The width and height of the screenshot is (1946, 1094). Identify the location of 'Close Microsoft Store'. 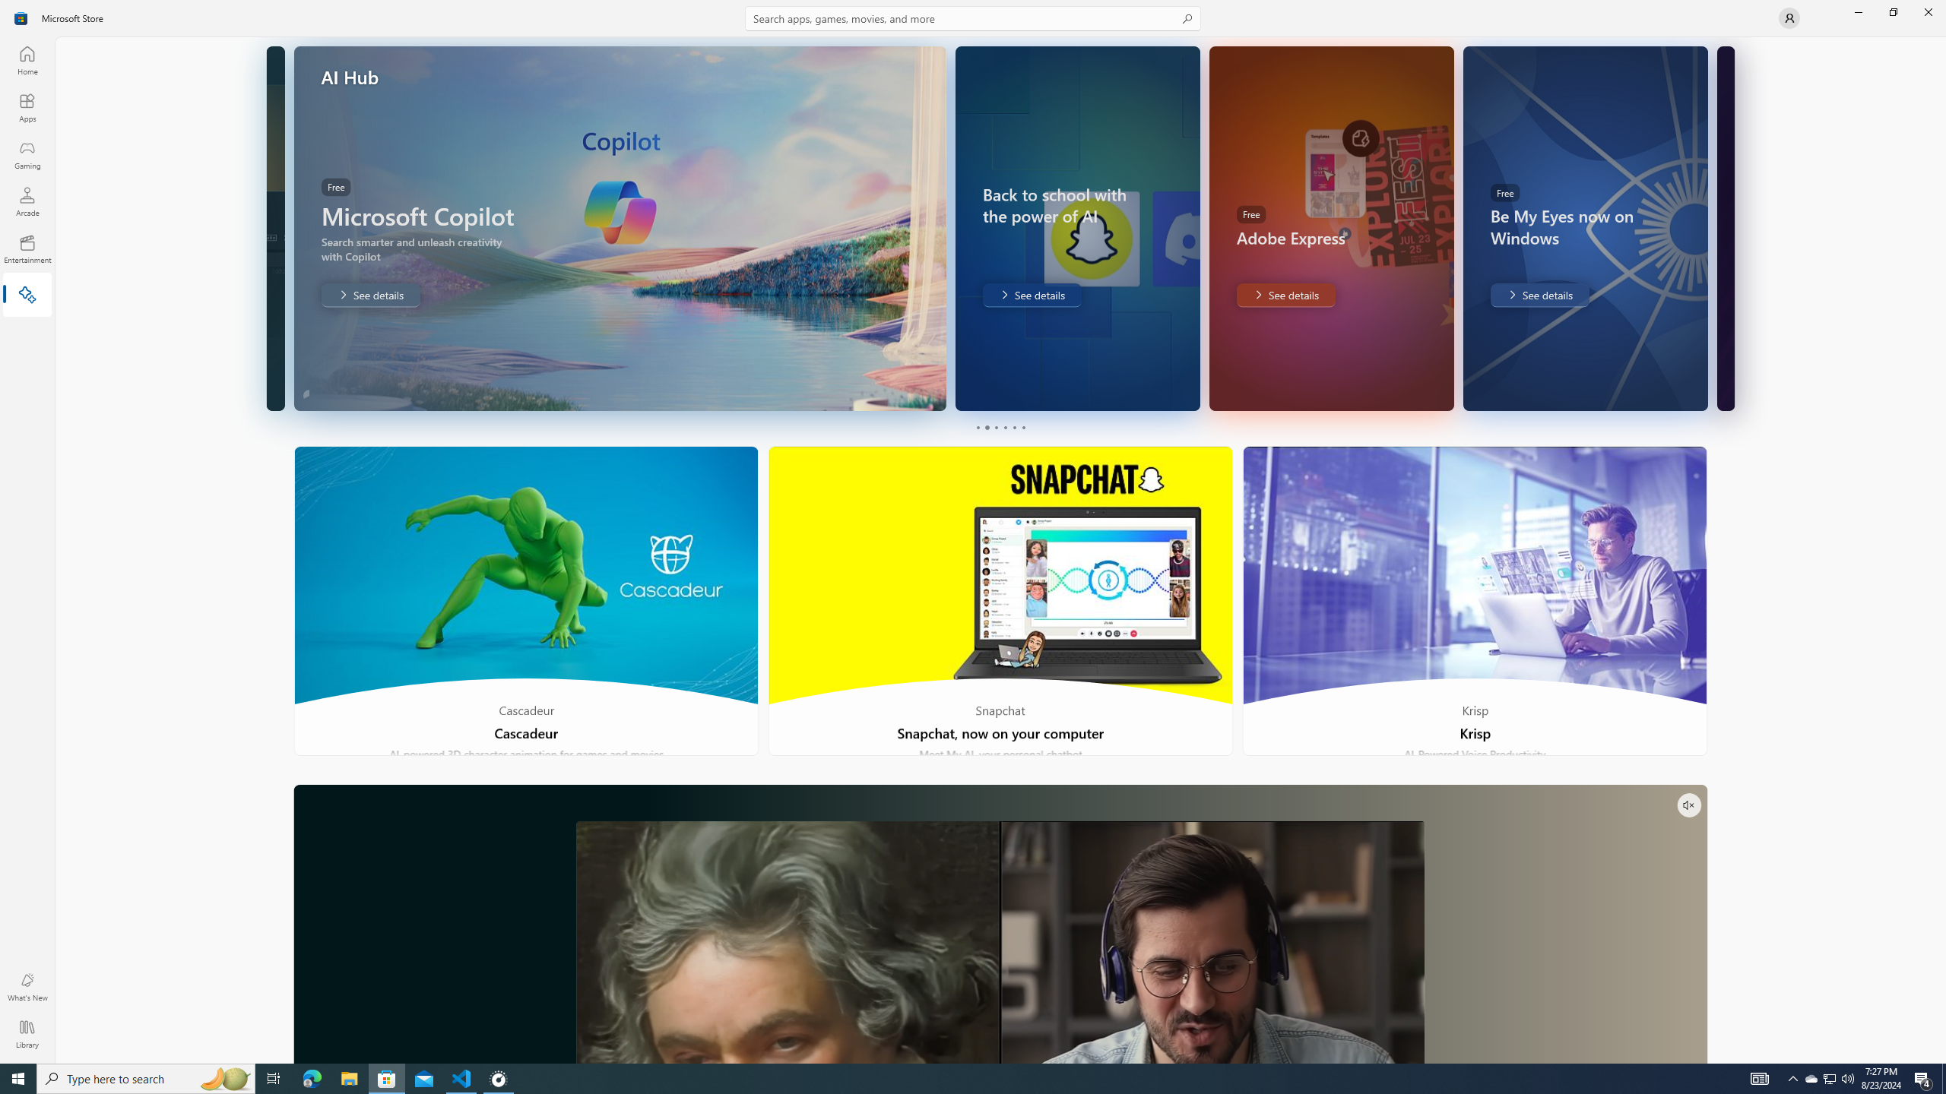
(1927, 11).